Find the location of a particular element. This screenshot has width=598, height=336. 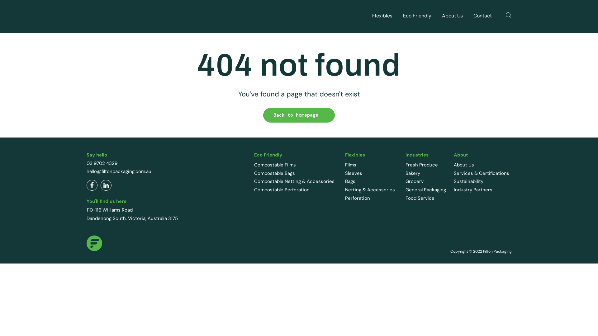

'Industry Partners' is located at coordinates (454, 189).